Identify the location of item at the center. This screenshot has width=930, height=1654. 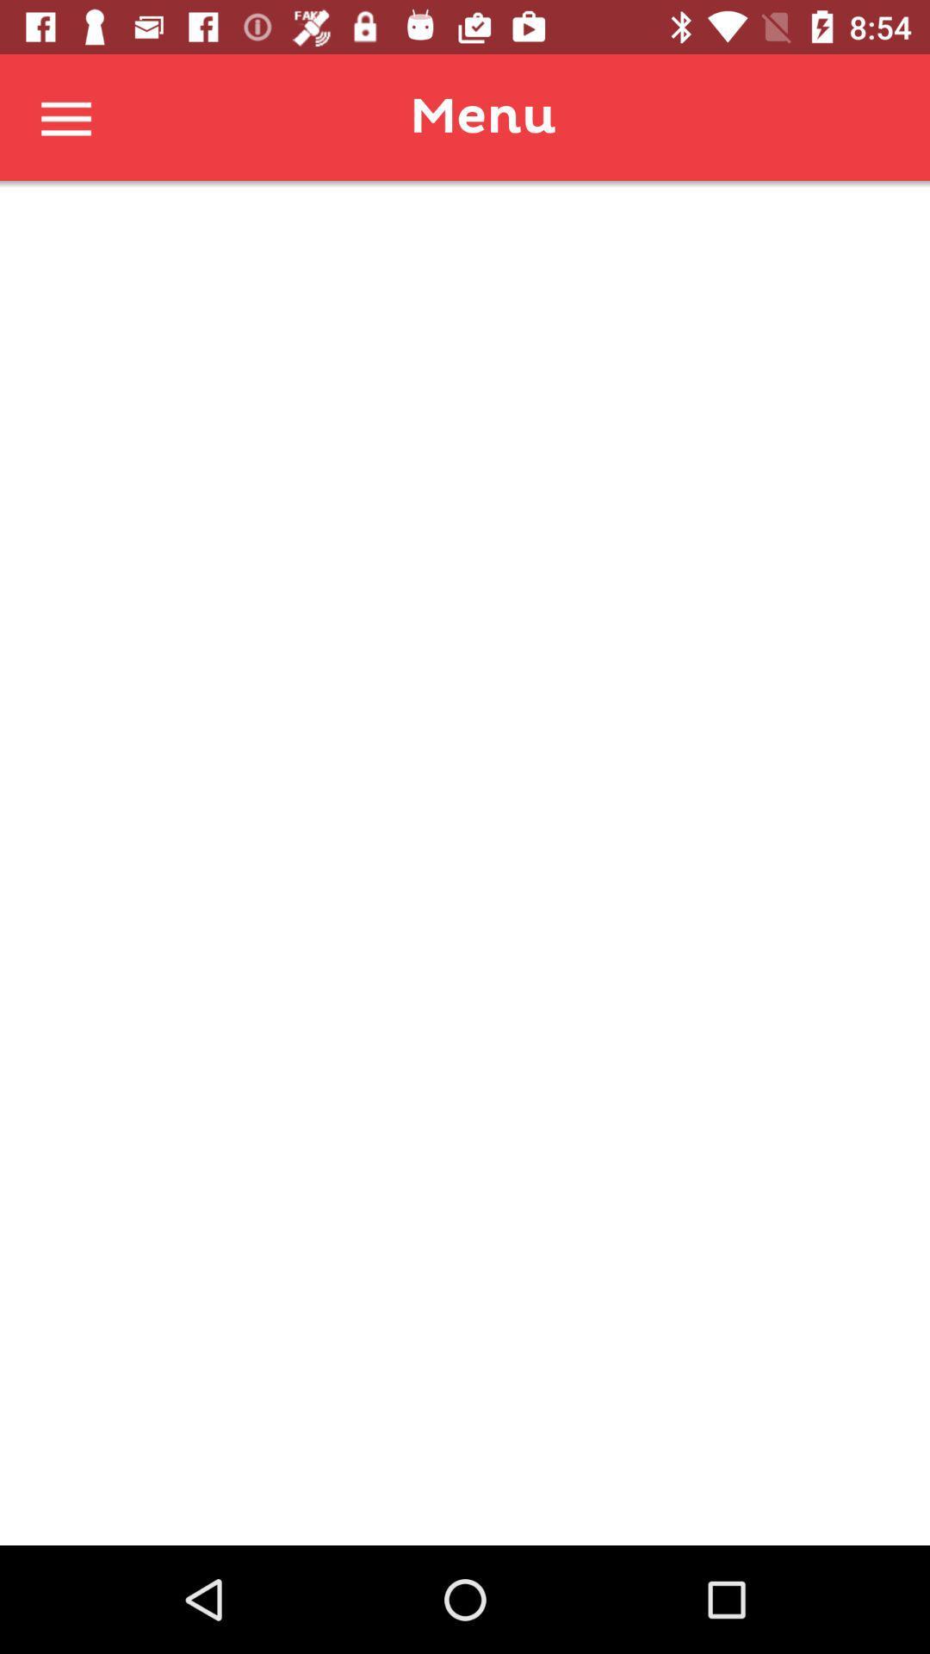
(465, 863).